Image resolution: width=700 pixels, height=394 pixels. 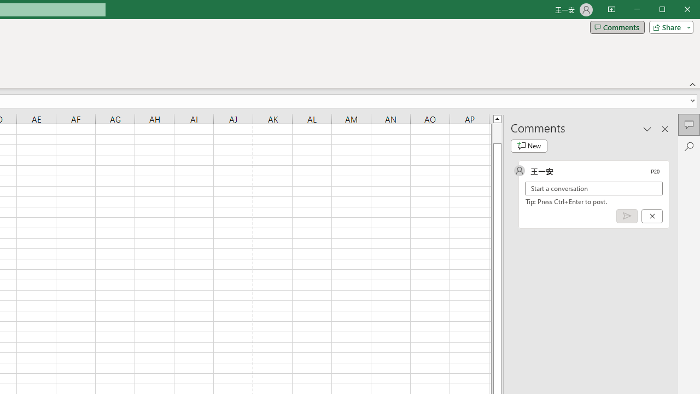 I want to click on 'Page up', so click(x=497, y=132).